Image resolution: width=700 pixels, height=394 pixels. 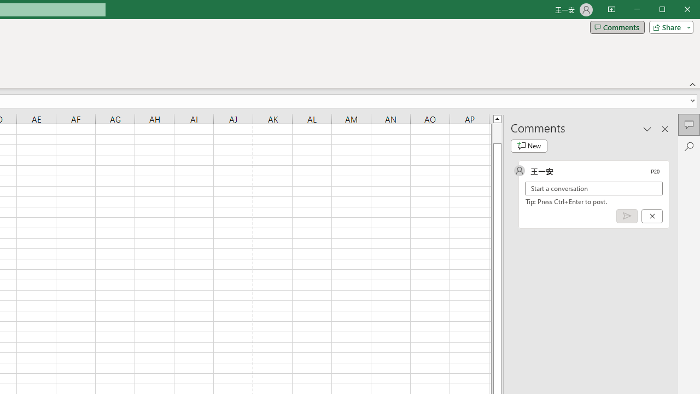 I want to click on 'Page up', so click(x=497, y=132).